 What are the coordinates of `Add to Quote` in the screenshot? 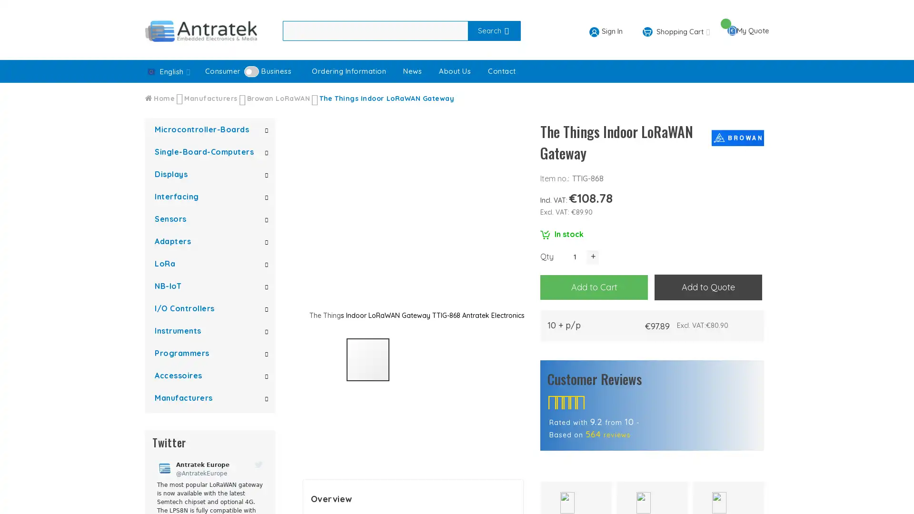 It's located at (708, 287).